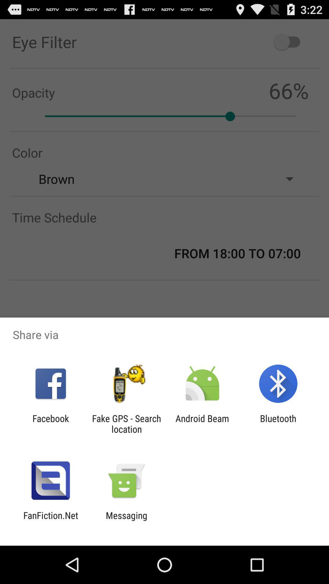 Image resolution: width=329 pixels, height=584 pixels. What do you see at coordinates (50, 423) in the screenshot?
I see `the facebook` at bounding box center [50, 423].